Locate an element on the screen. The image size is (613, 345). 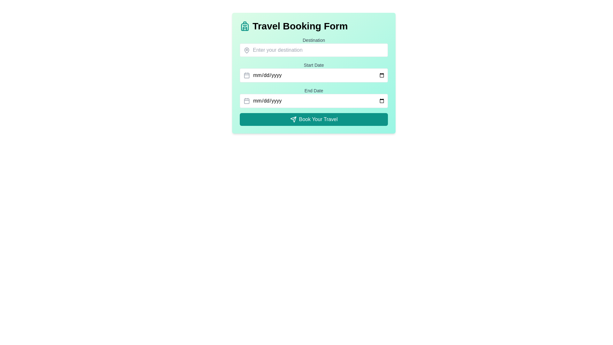
the icon within the 'Book Your Travel' submit button located at the bottom of the form is located at coordinates (293, 119).